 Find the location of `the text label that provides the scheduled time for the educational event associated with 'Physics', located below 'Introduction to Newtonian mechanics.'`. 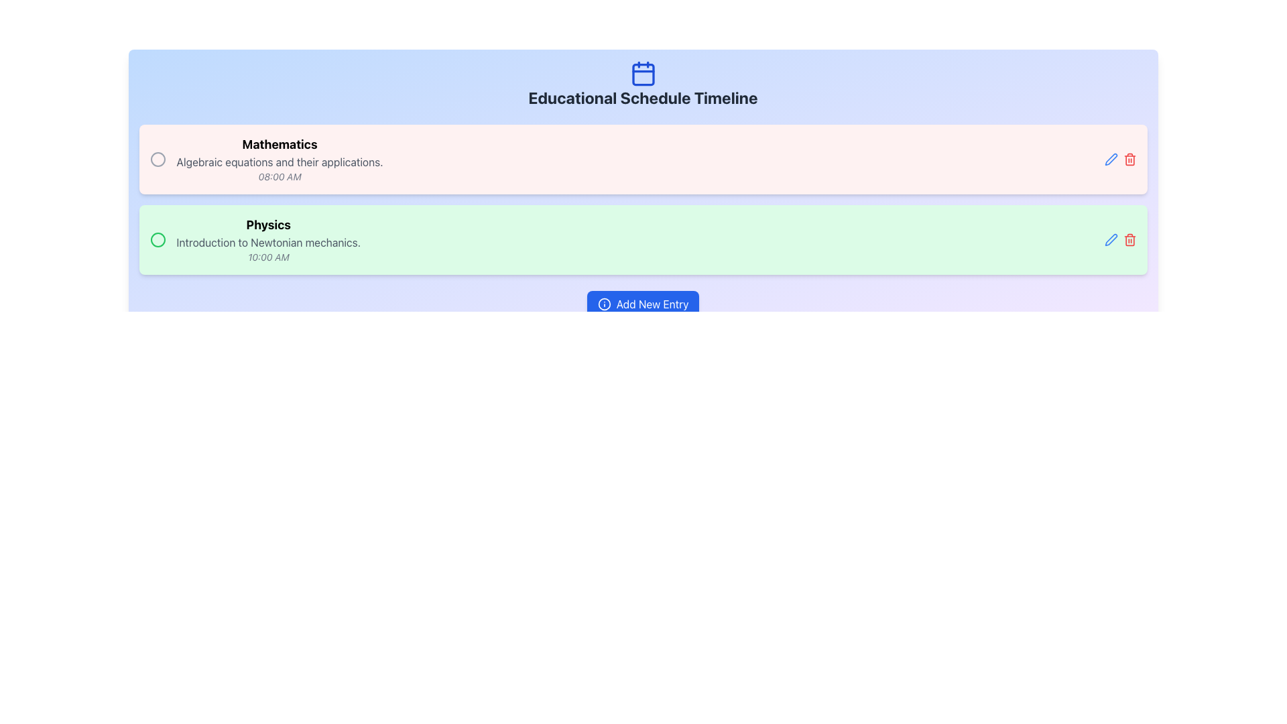

the text label that provides the scheduled time for the educational event associated with 'Physics', located below 'Introduction to Newtonian mechanics.' is located at coordinates (268, 257).